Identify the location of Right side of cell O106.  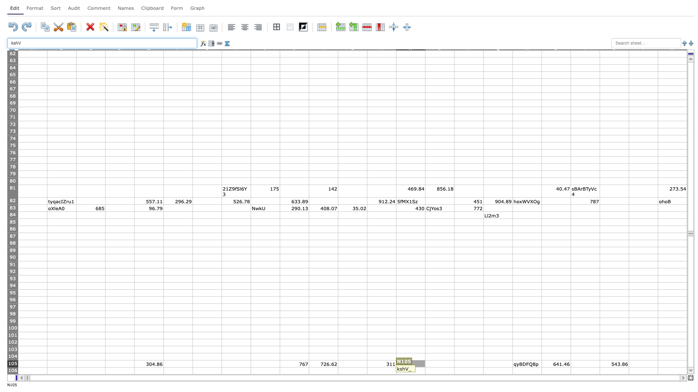
(454, 371).